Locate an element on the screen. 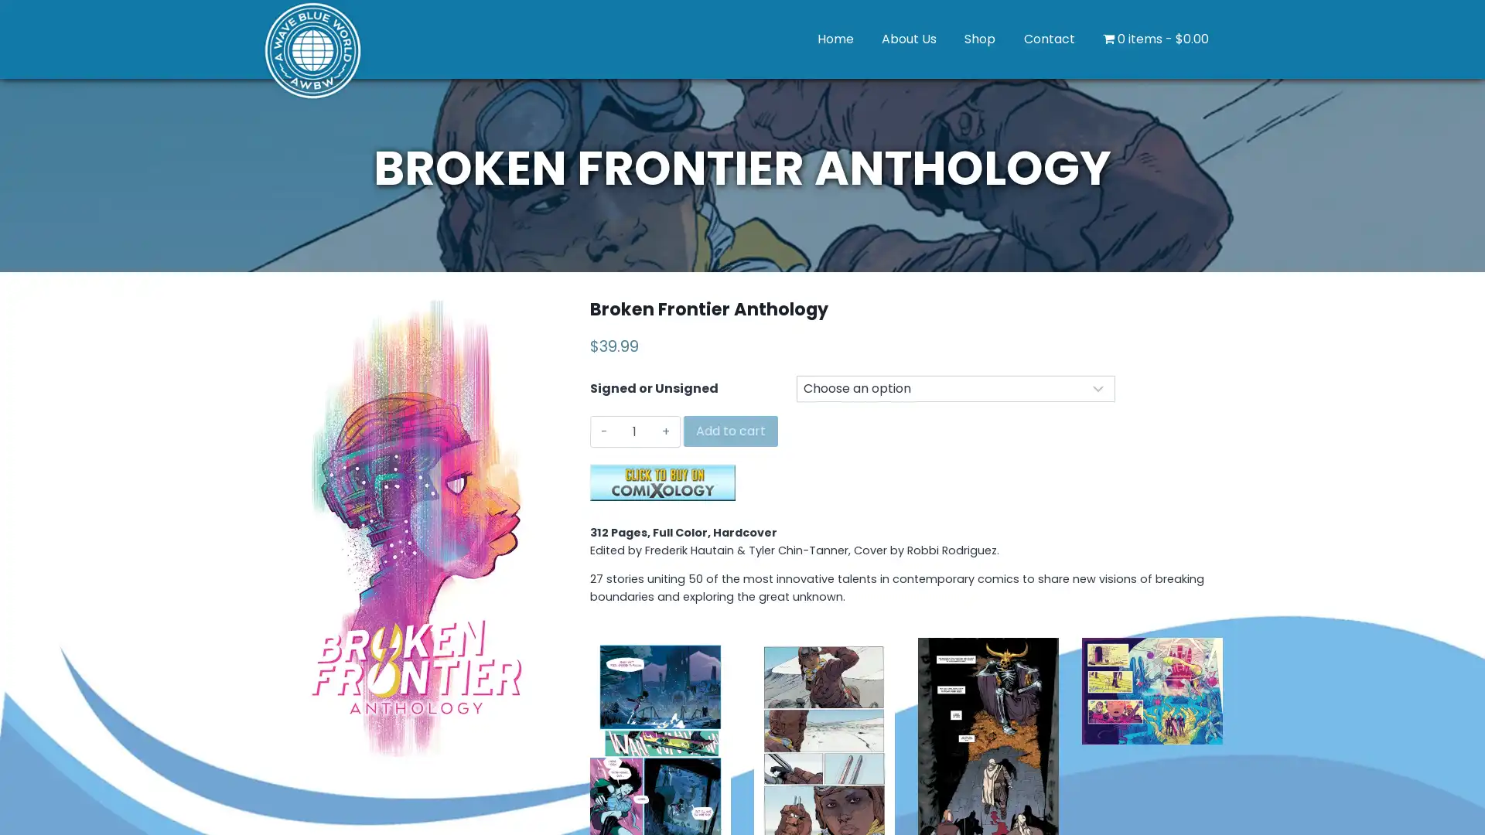 Image resolution: width=1485 pixels, height=835 pixels. Add to cart is located at coordinates (729, 431).